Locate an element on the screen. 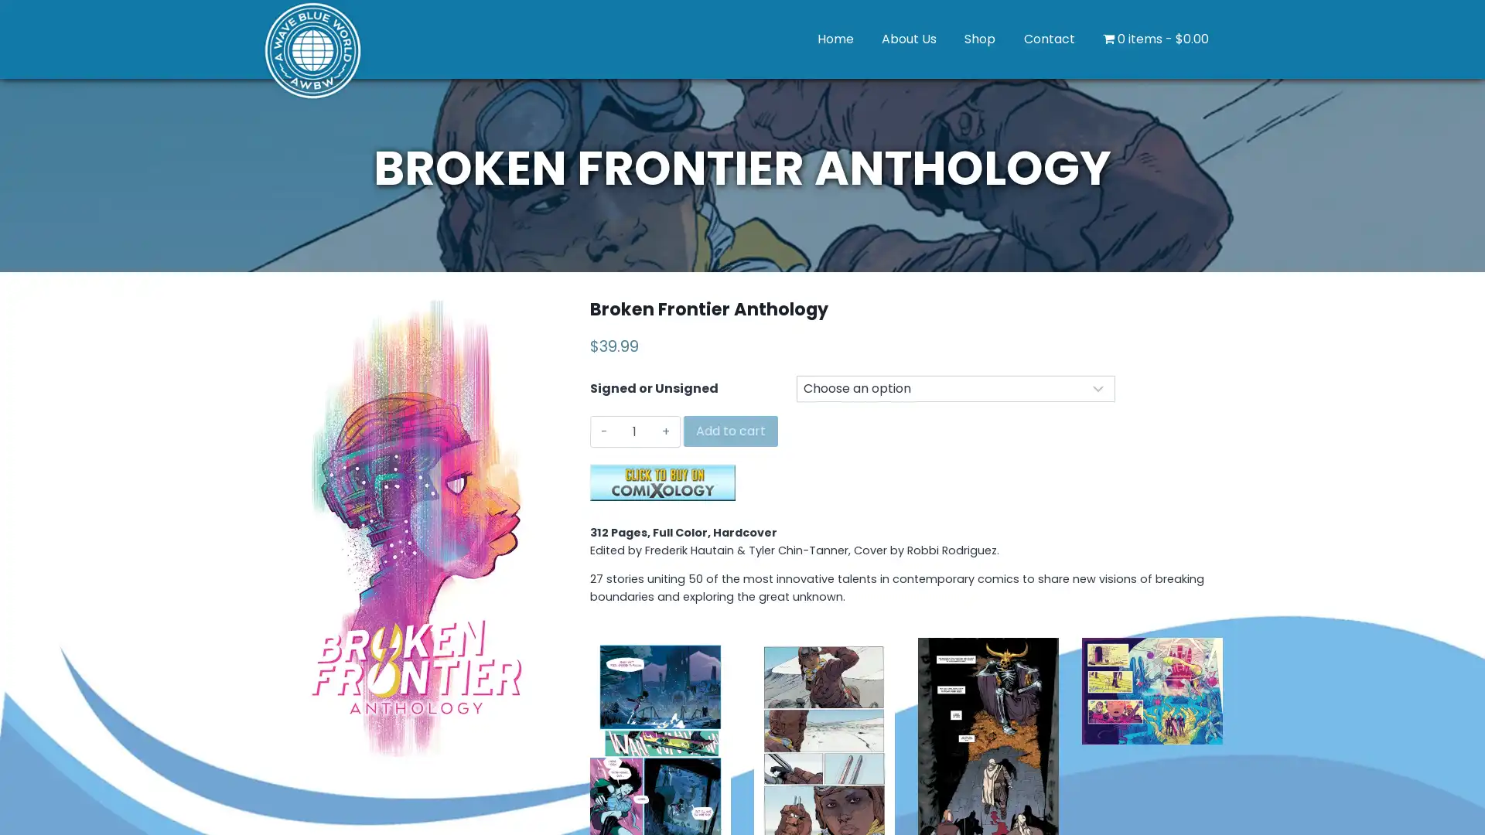 Image resolution: width=1485 pixels, height=835 pixels. Add to cart is located at coordinates (729, 431).